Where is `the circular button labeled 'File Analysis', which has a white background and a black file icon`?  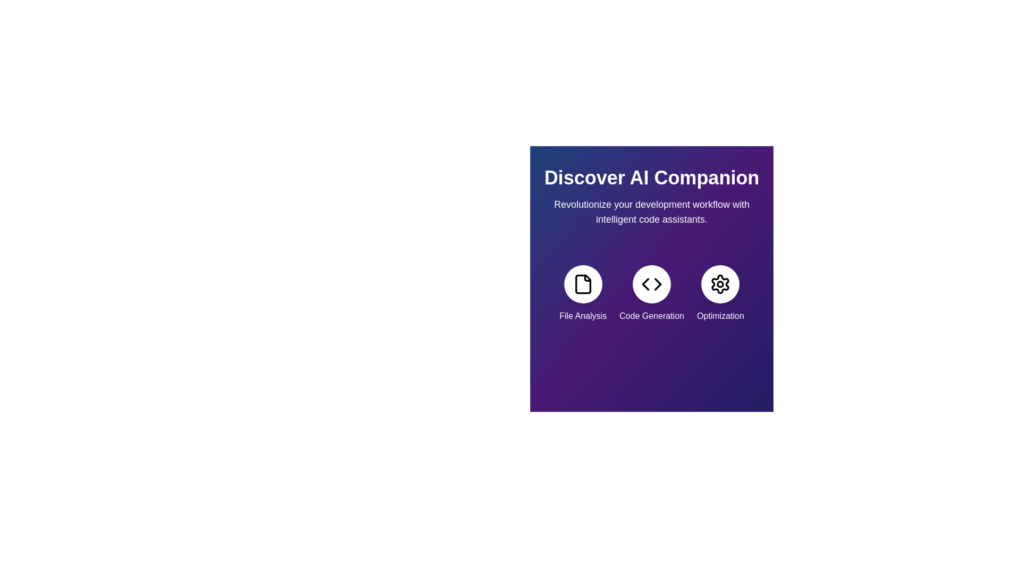 the circular button labeled 'File Analysis', which has a white background and a black file icon is located at coordinates (582, 284).